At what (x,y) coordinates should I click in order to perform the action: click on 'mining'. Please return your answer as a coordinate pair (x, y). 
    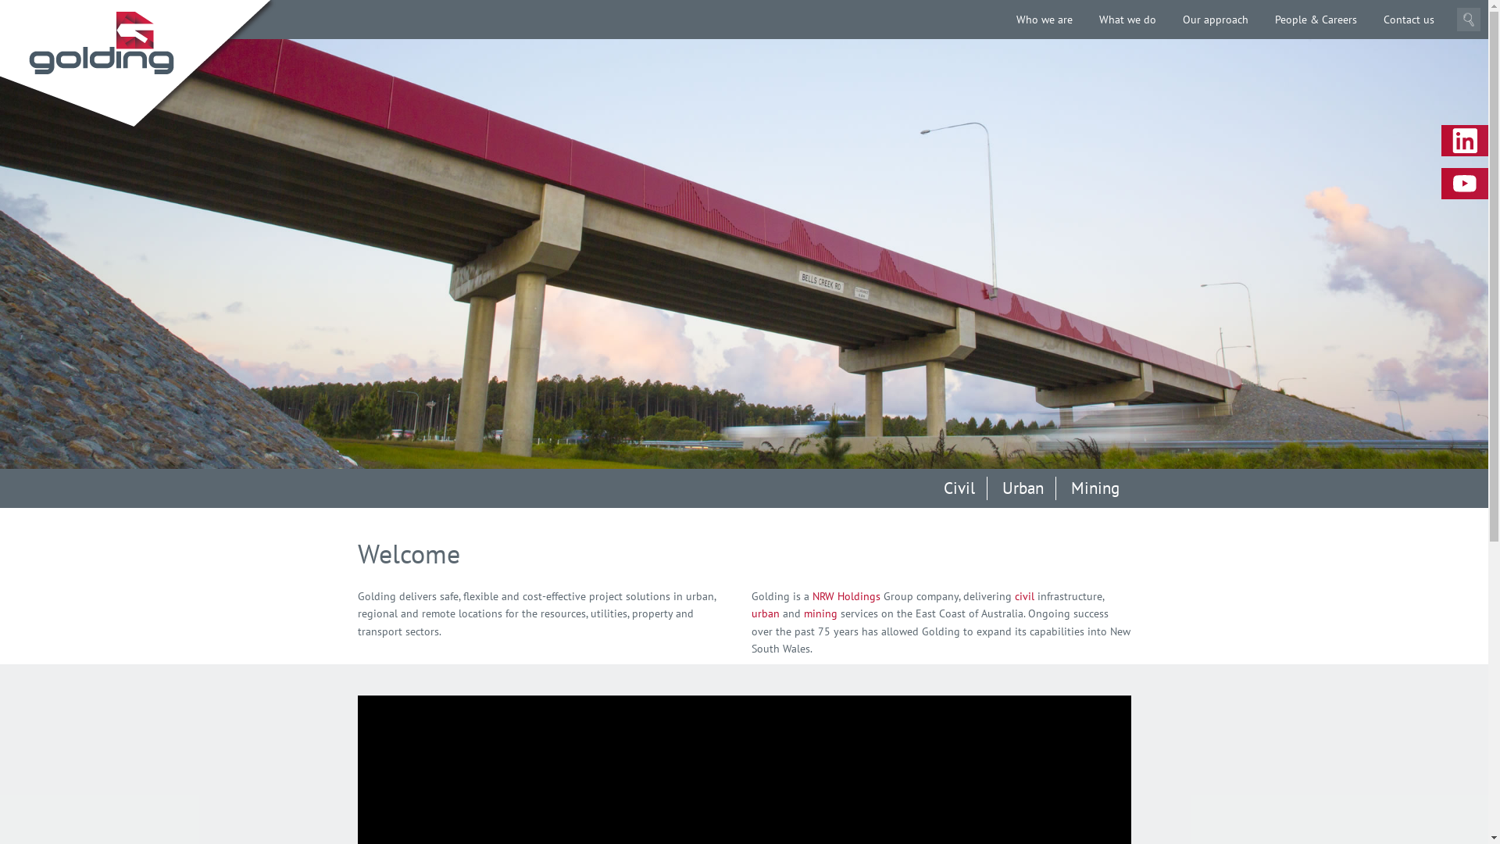
    Looking at the image, I should click on (820, 613).